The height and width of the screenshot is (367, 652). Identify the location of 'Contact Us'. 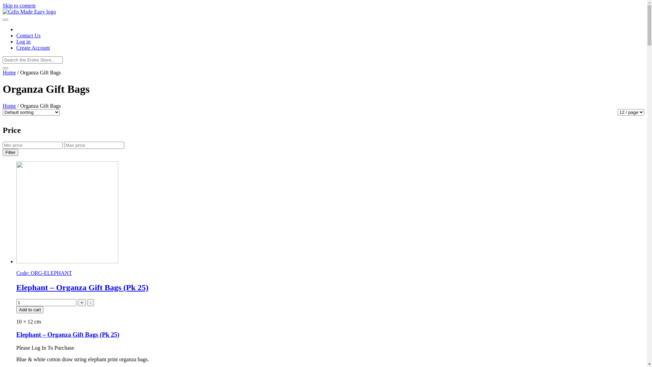
(28, 35).